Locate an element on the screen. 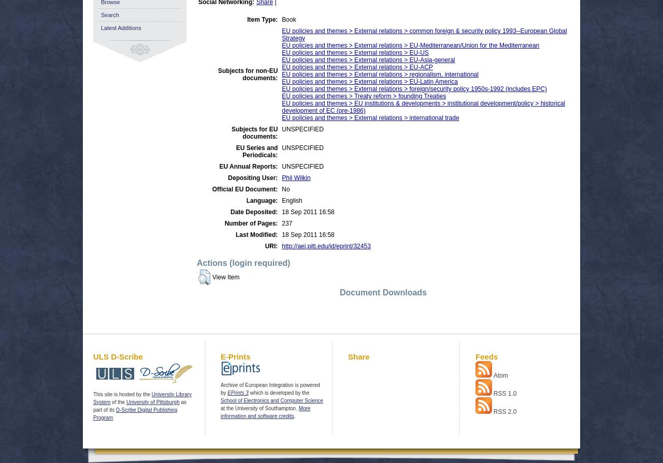 The image size is (663, 463). 'Feeds' is located at coordinates (486, 355).